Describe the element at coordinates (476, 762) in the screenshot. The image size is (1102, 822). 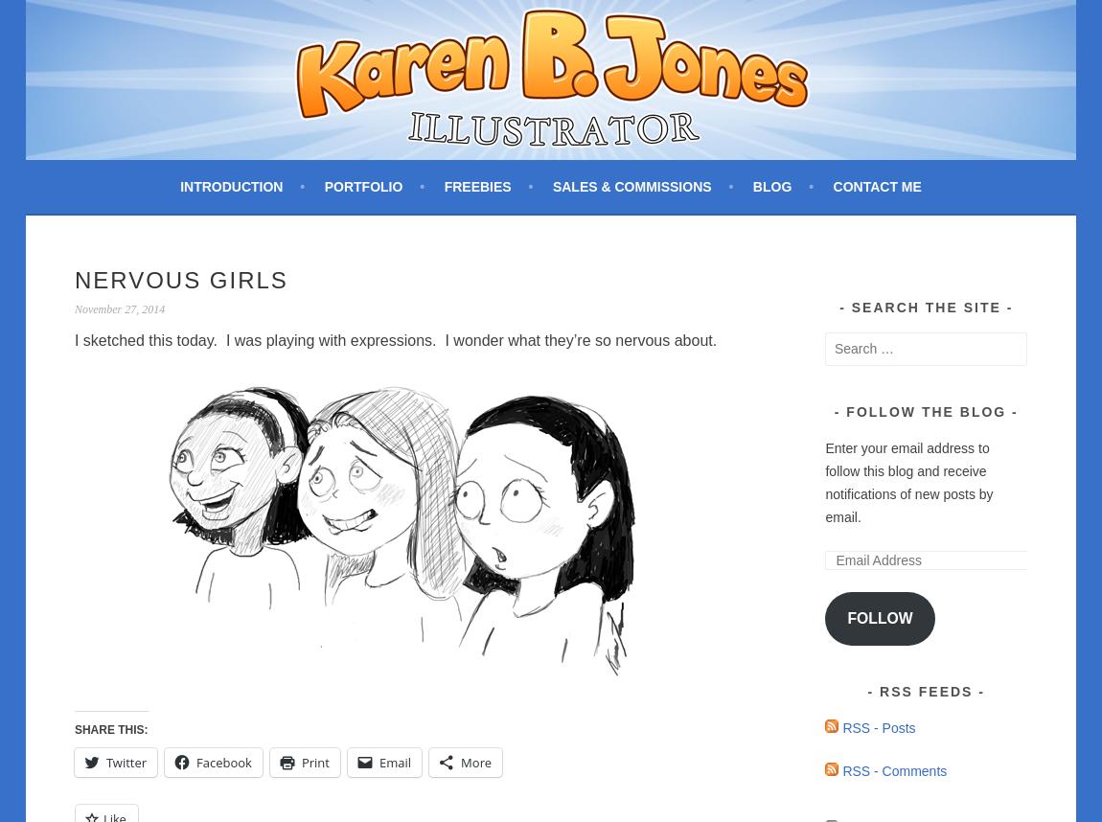
I see `'More'` at that location.